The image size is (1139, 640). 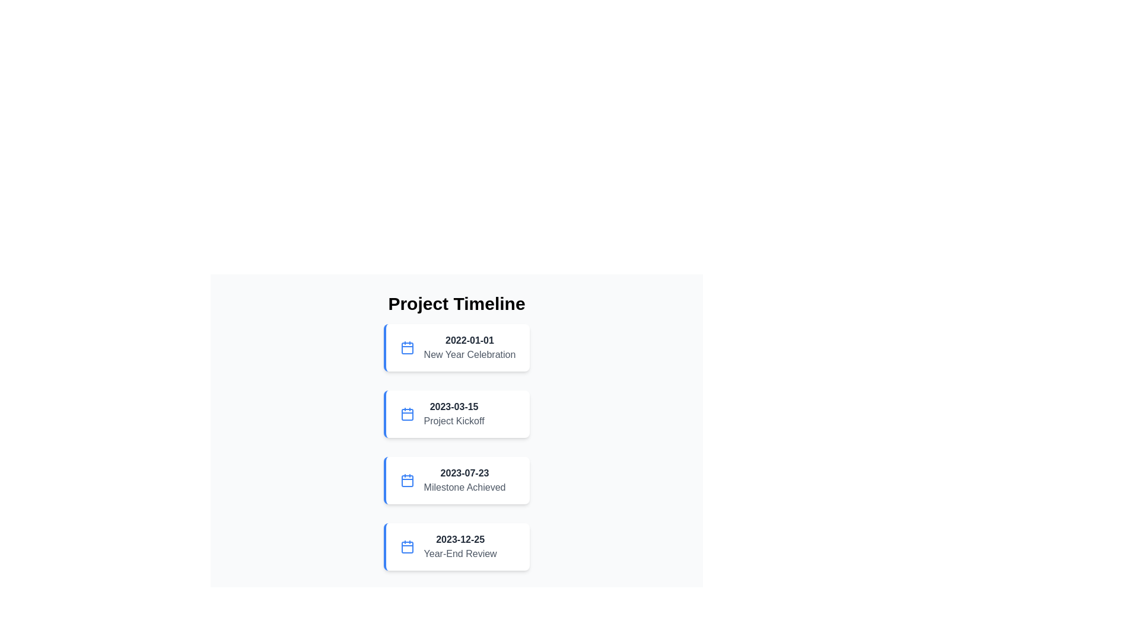 What do you see at coordinates (407, 347) in the screenshot?
I see `the calendar icon with a blue outline located on the leftmost side of the first list item in the vertically arranged timeline` at bounding box center [407, 347].